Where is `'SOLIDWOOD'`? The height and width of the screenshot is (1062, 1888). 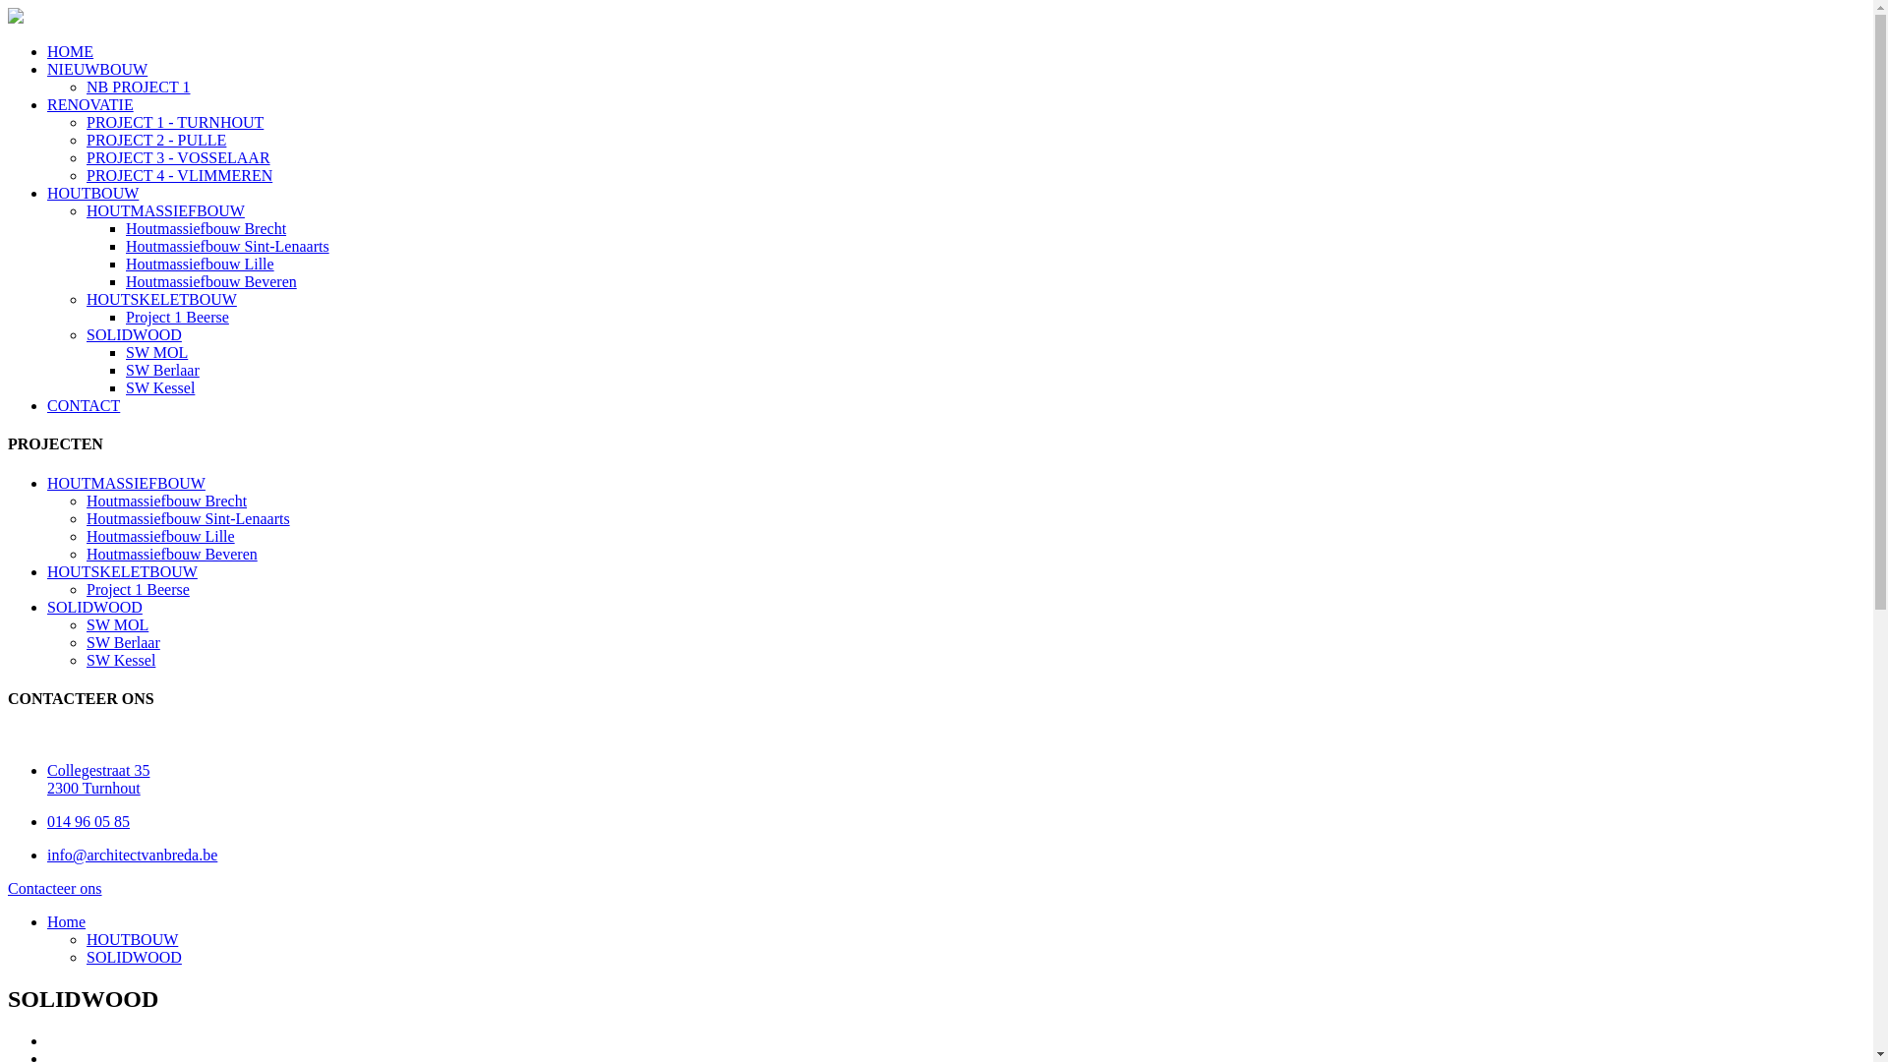 'SOLIDWOOD' is located at coordinates (85, 956).